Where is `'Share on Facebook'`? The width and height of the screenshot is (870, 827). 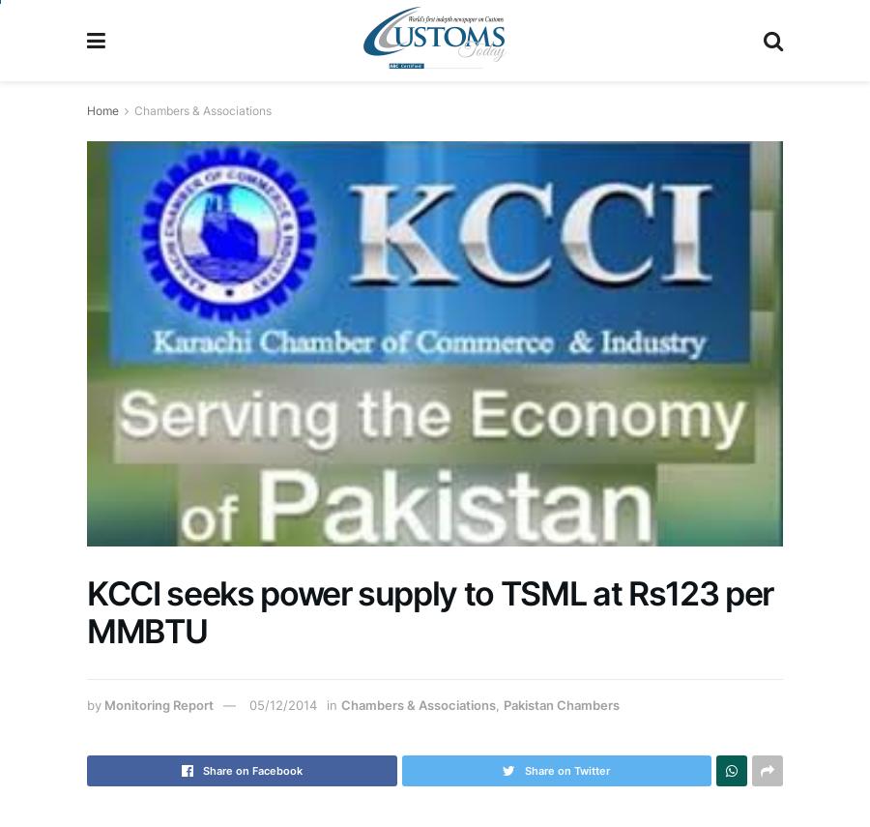 'Share on Facebook' is located at coordinates (250, 770).